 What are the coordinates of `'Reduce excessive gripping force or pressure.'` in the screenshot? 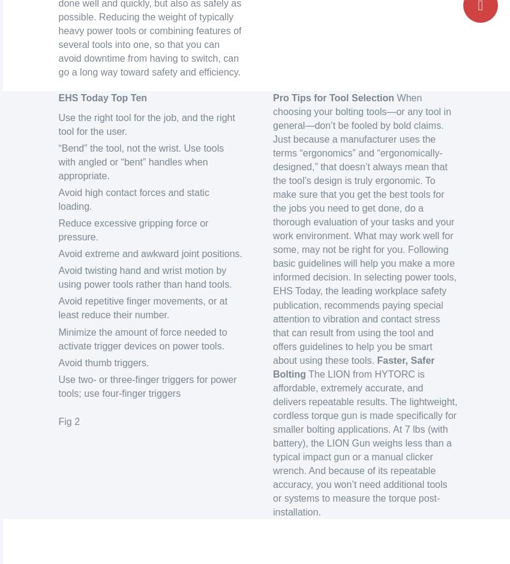 It's located at (133, 230).